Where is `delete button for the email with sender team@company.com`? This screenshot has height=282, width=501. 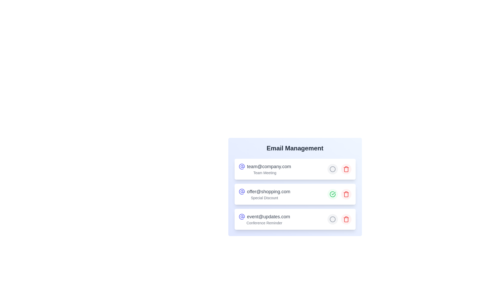
delete button for the email with sender team@company.com is located at coordinates (346, 169).